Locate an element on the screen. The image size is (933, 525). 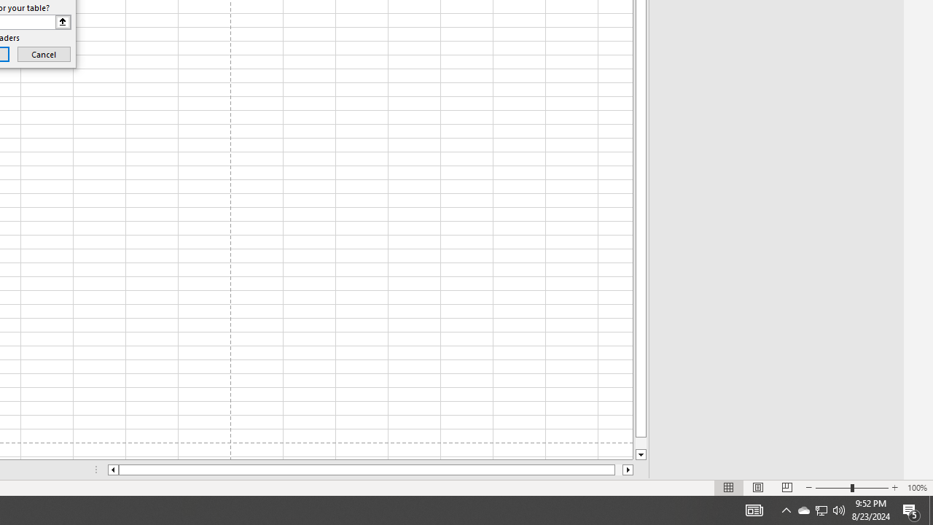
'Page Break Preview' is located at coordinates (786, 488).